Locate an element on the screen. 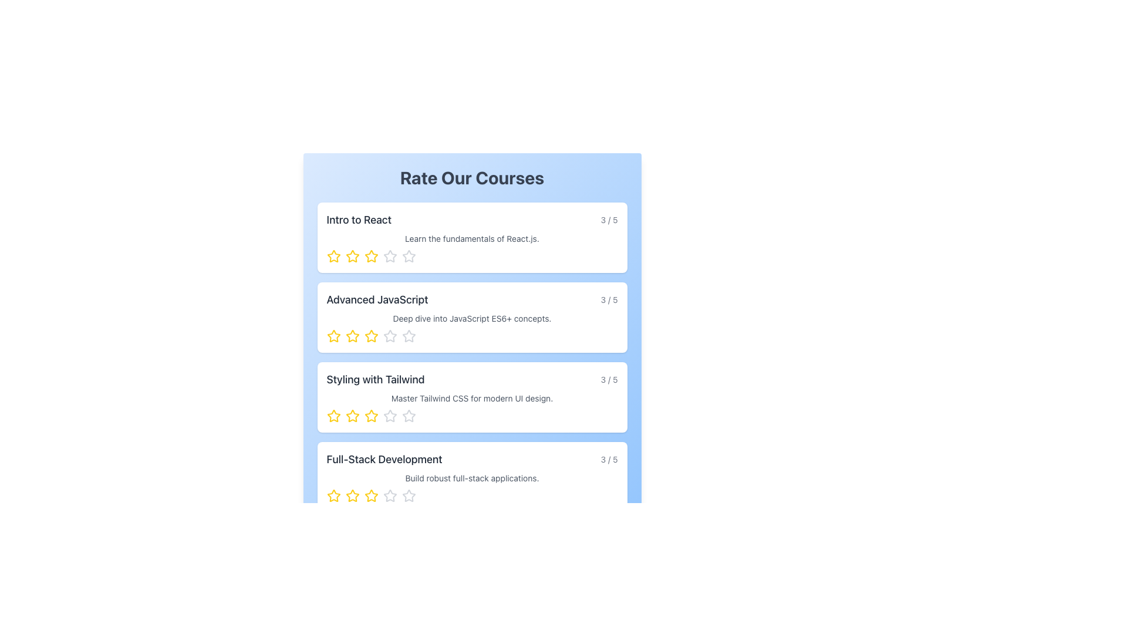 The height and width of the screenshot is (634, 1127). the yellow star icon, which is the first in a row of five rating stars for the 'Intro to React' course is located at coordinates (333, 255).